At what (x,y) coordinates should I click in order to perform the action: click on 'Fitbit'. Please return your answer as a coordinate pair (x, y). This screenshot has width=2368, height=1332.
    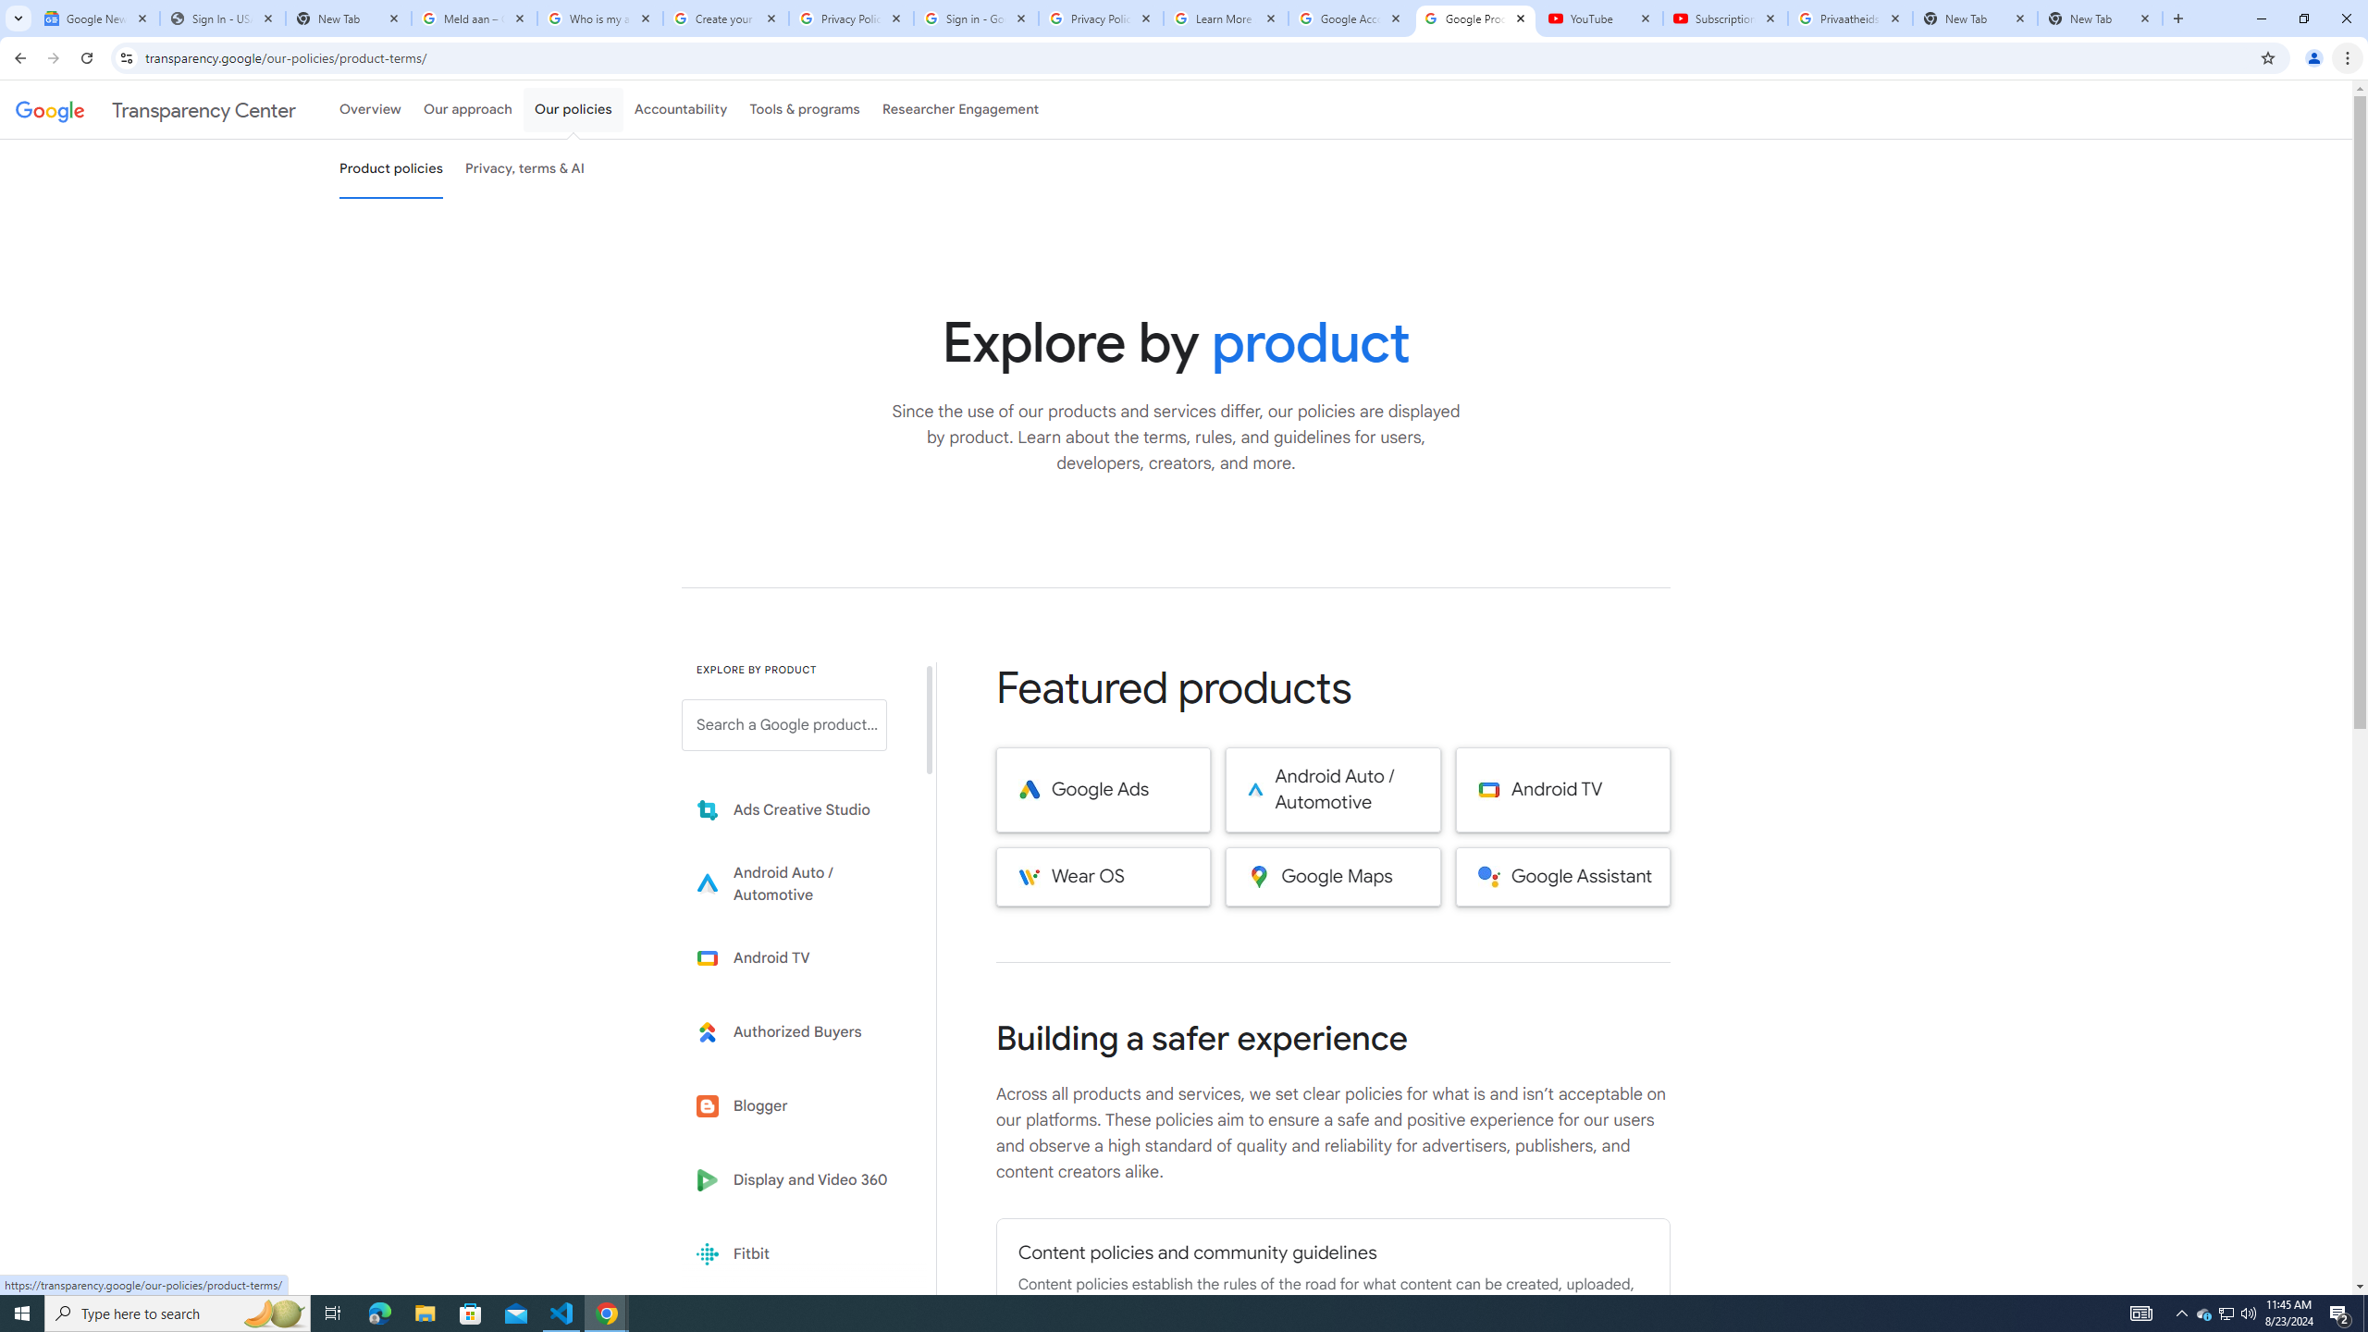
    Looking at the image, I should click on (796, 1253).